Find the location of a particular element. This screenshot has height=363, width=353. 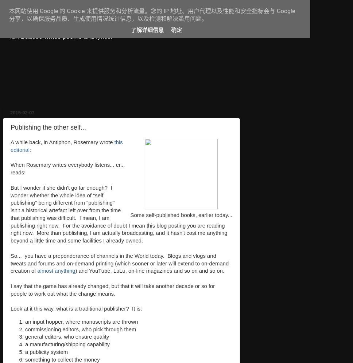

'almost anything' is located at coordinates (56, 271).